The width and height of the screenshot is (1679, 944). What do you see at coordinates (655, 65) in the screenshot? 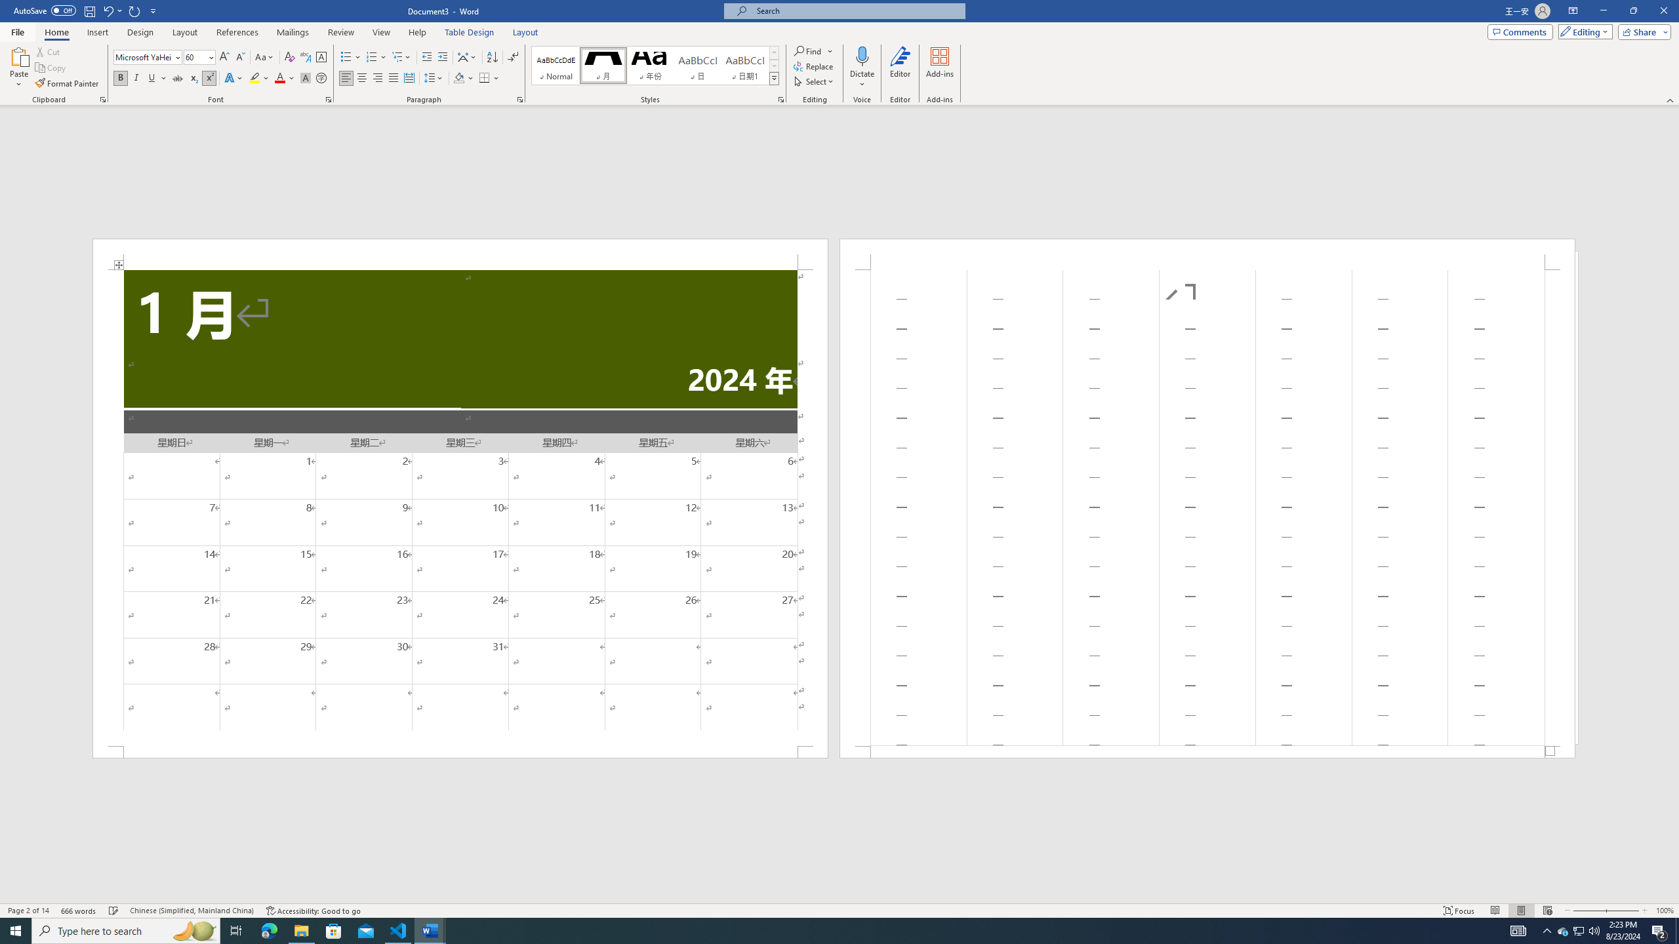
I see `'AutomationID: QuickStylesGallery'` at bounding box center [655, 65].